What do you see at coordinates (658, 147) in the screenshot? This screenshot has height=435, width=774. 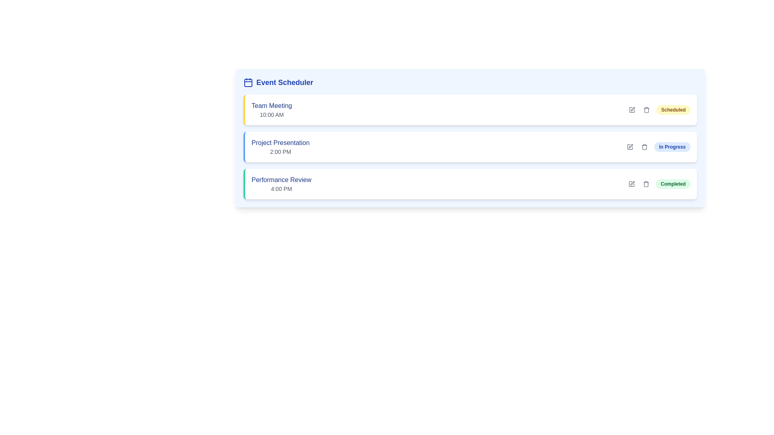 I see `the status indicator text label showing 'In Progress' located in the rightmost section of the 'Project Presentation' card` at bounding box center [658, 147].